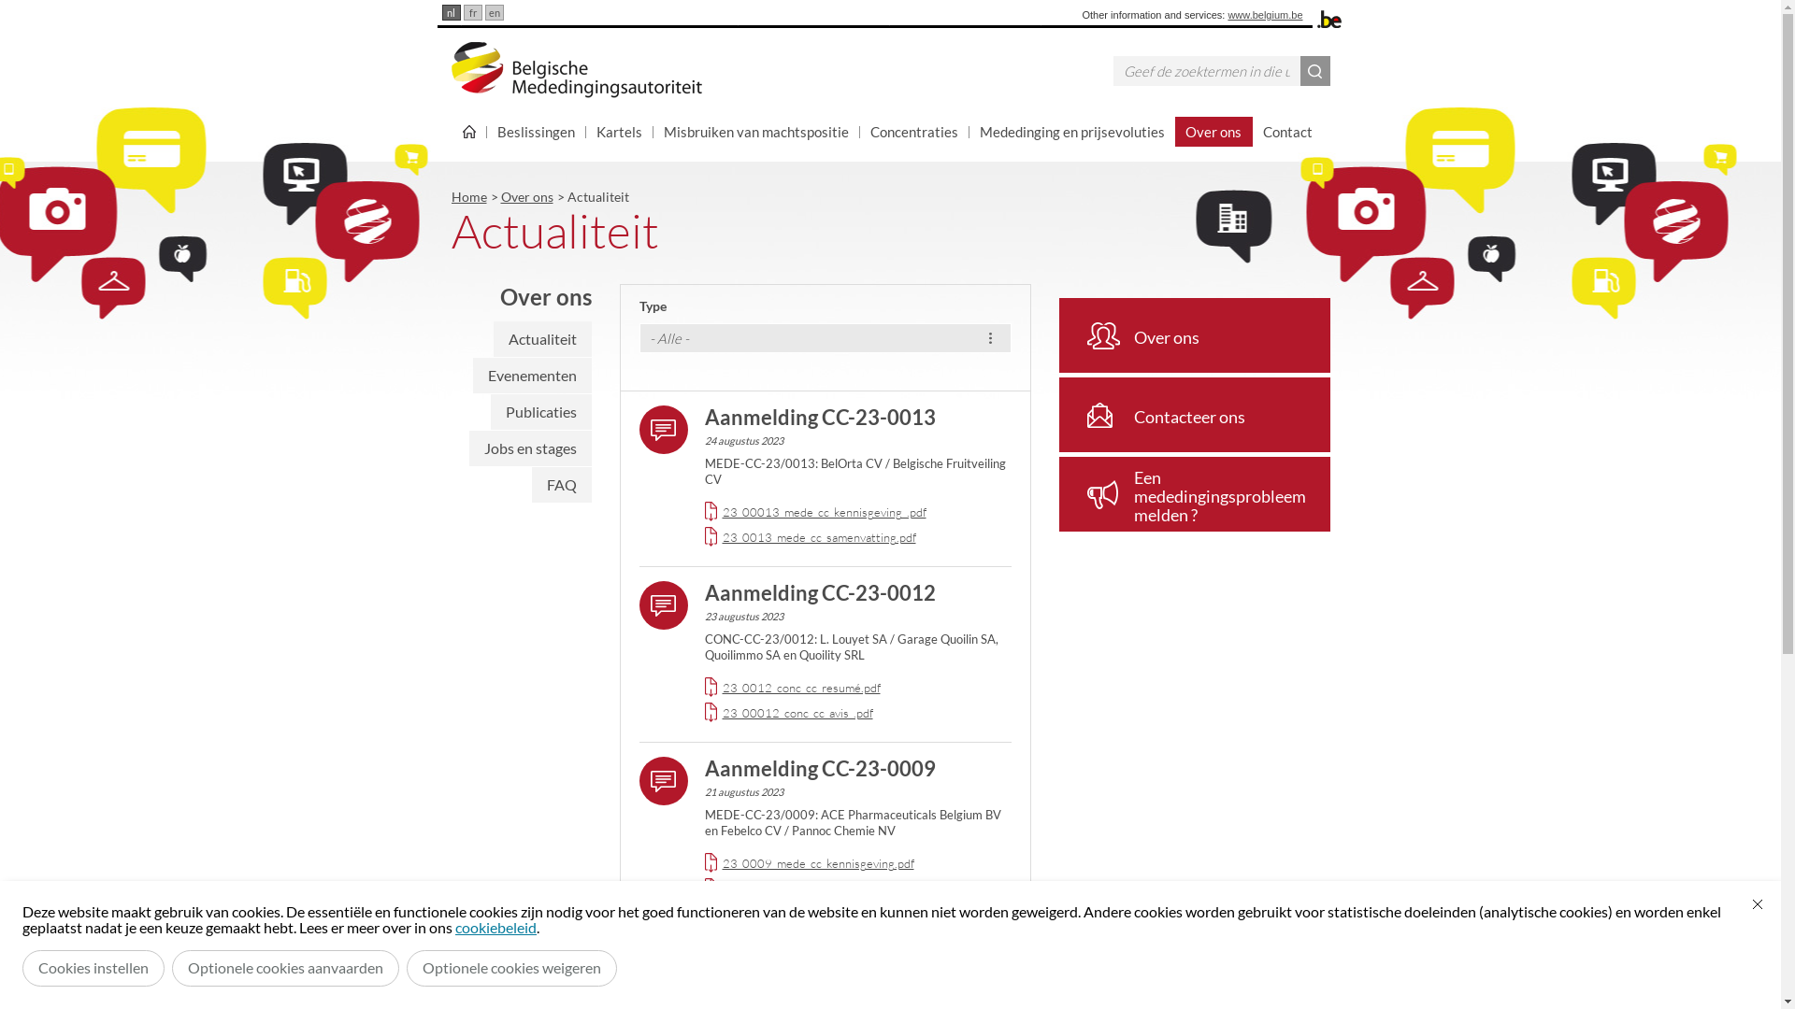 The width and height of the screenshot is (1795, 1009). Describe the element at coordinates (1265, 14) in the screenshot. I see `'www.belgium.be'` at that location.